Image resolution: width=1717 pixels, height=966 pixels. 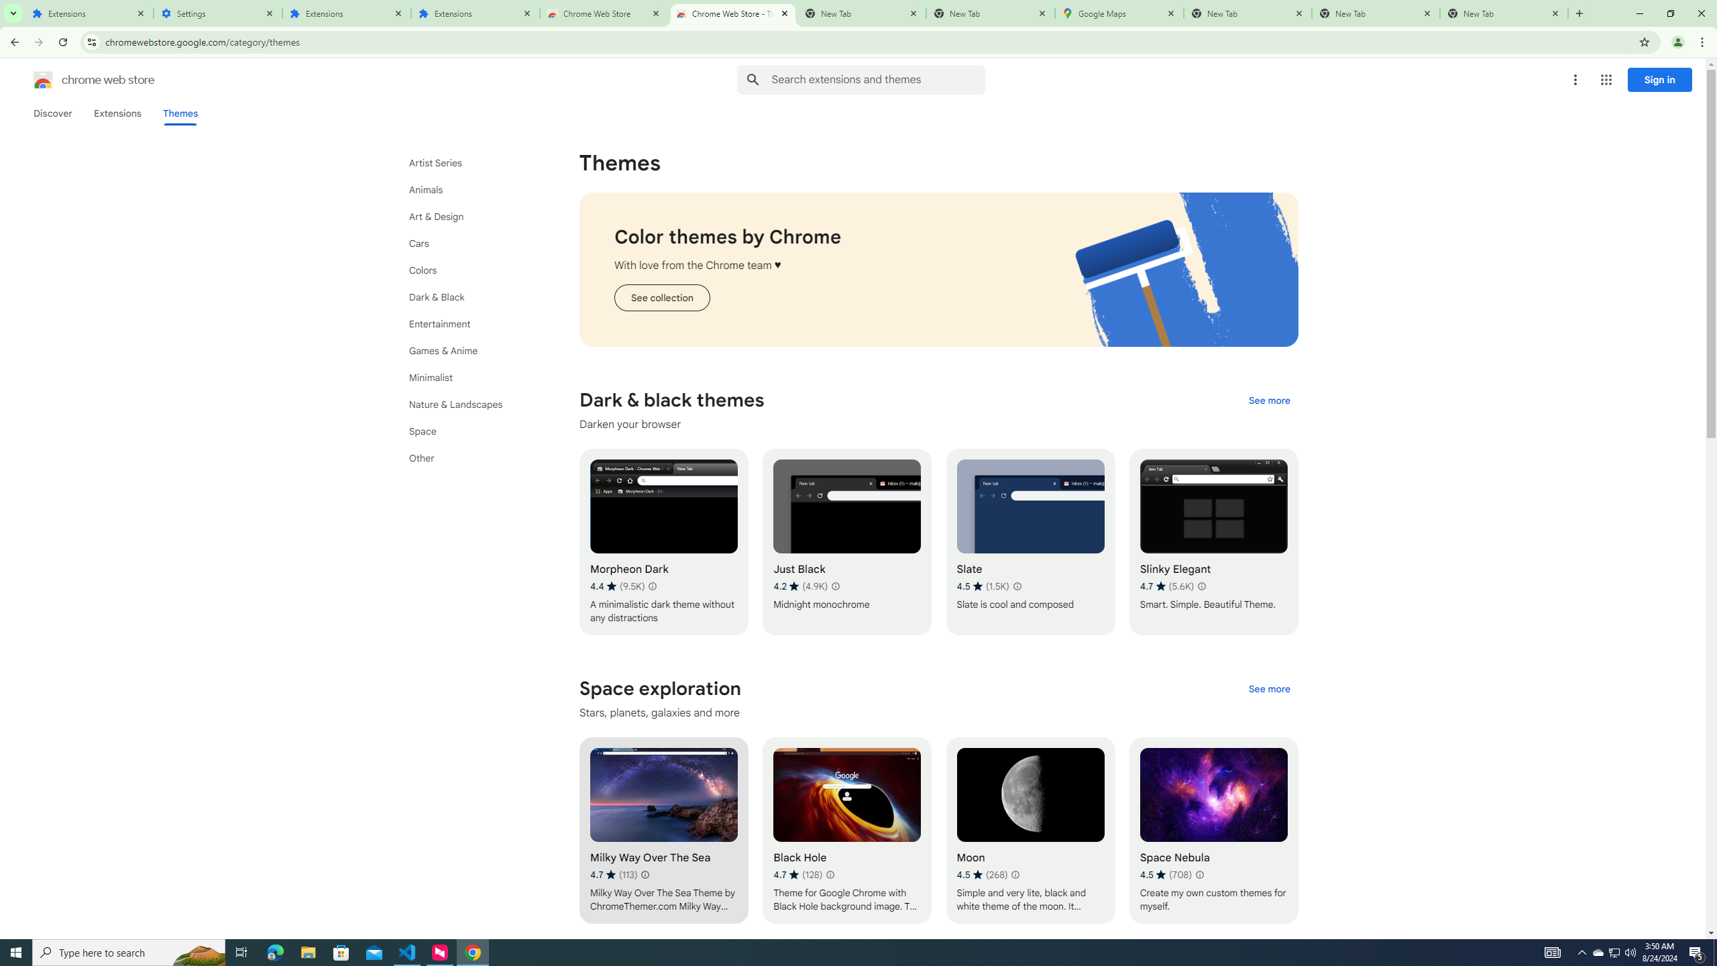 What do you see at coordinates (799, 586) in the screenshot?
I see `'Average rating 4.2 out of 5 stars. 4.9K ratings.'` at bounding box center [799, 586].